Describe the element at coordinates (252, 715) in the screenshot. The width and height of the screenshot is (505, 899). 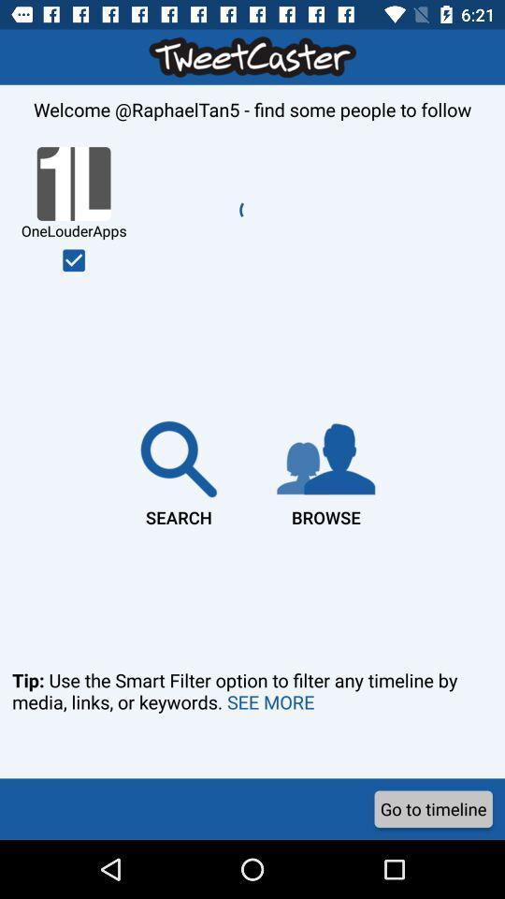
I see `the tip use the item` at that location.